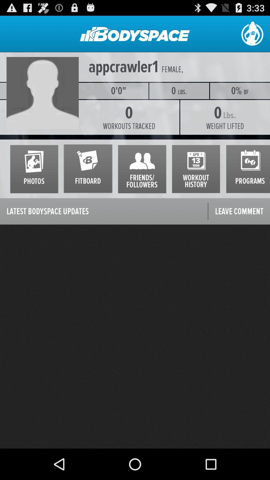  Describe the element at coordinates (123, 67) in the screenshot. I see `item to the left of the female` at that location.